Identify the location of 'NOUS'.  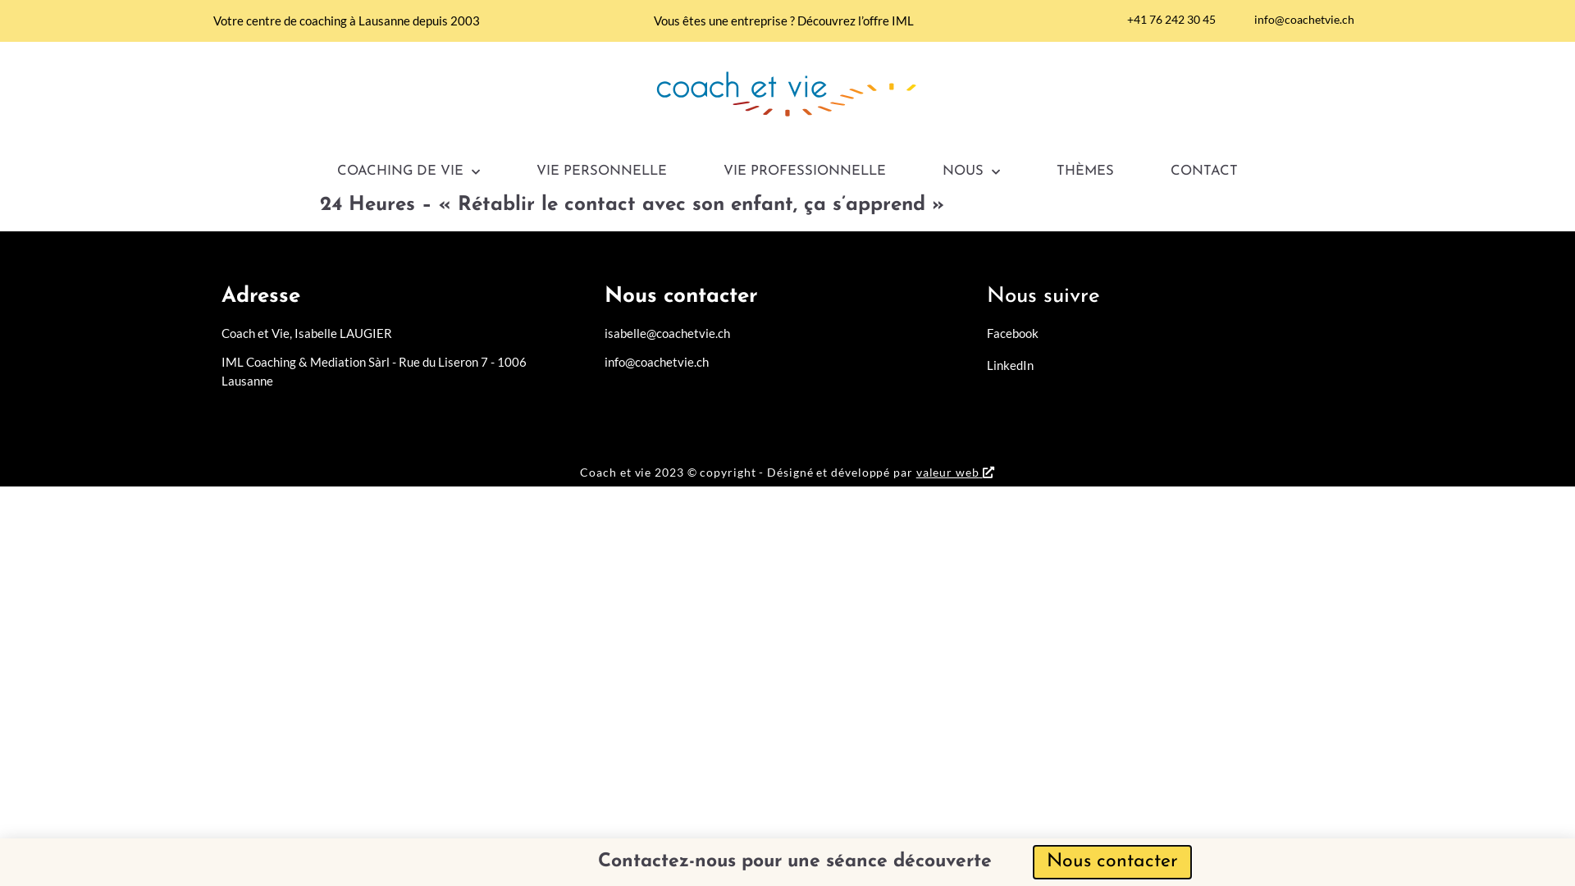
(971, 171).